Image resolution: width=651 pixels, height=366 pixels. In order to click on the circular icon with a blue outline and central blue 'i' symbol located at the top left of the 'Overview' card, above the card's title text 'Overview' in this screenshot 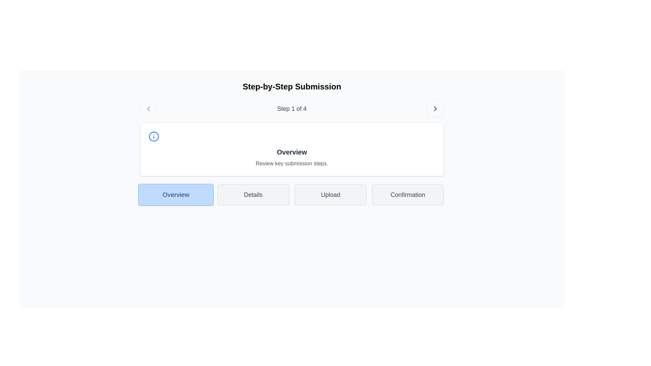, I will do `click(154, 136)`.